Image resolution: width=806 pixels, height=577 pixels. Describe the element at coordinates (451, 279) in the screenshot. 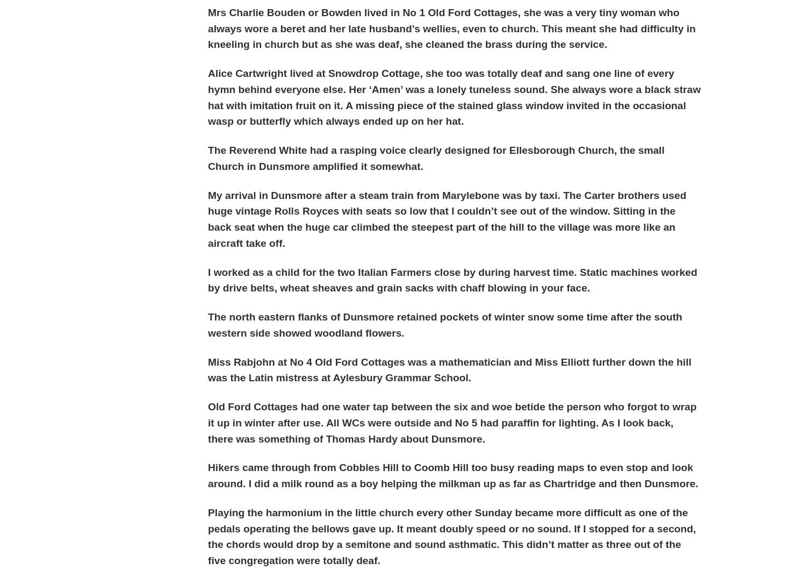

I see `'I worked as a child for the two Italian Farmers close by during harvest time. Static machines worked by drive belts, wheat sheaves and grain sacks with chaff blowing in your face.'` at that location.